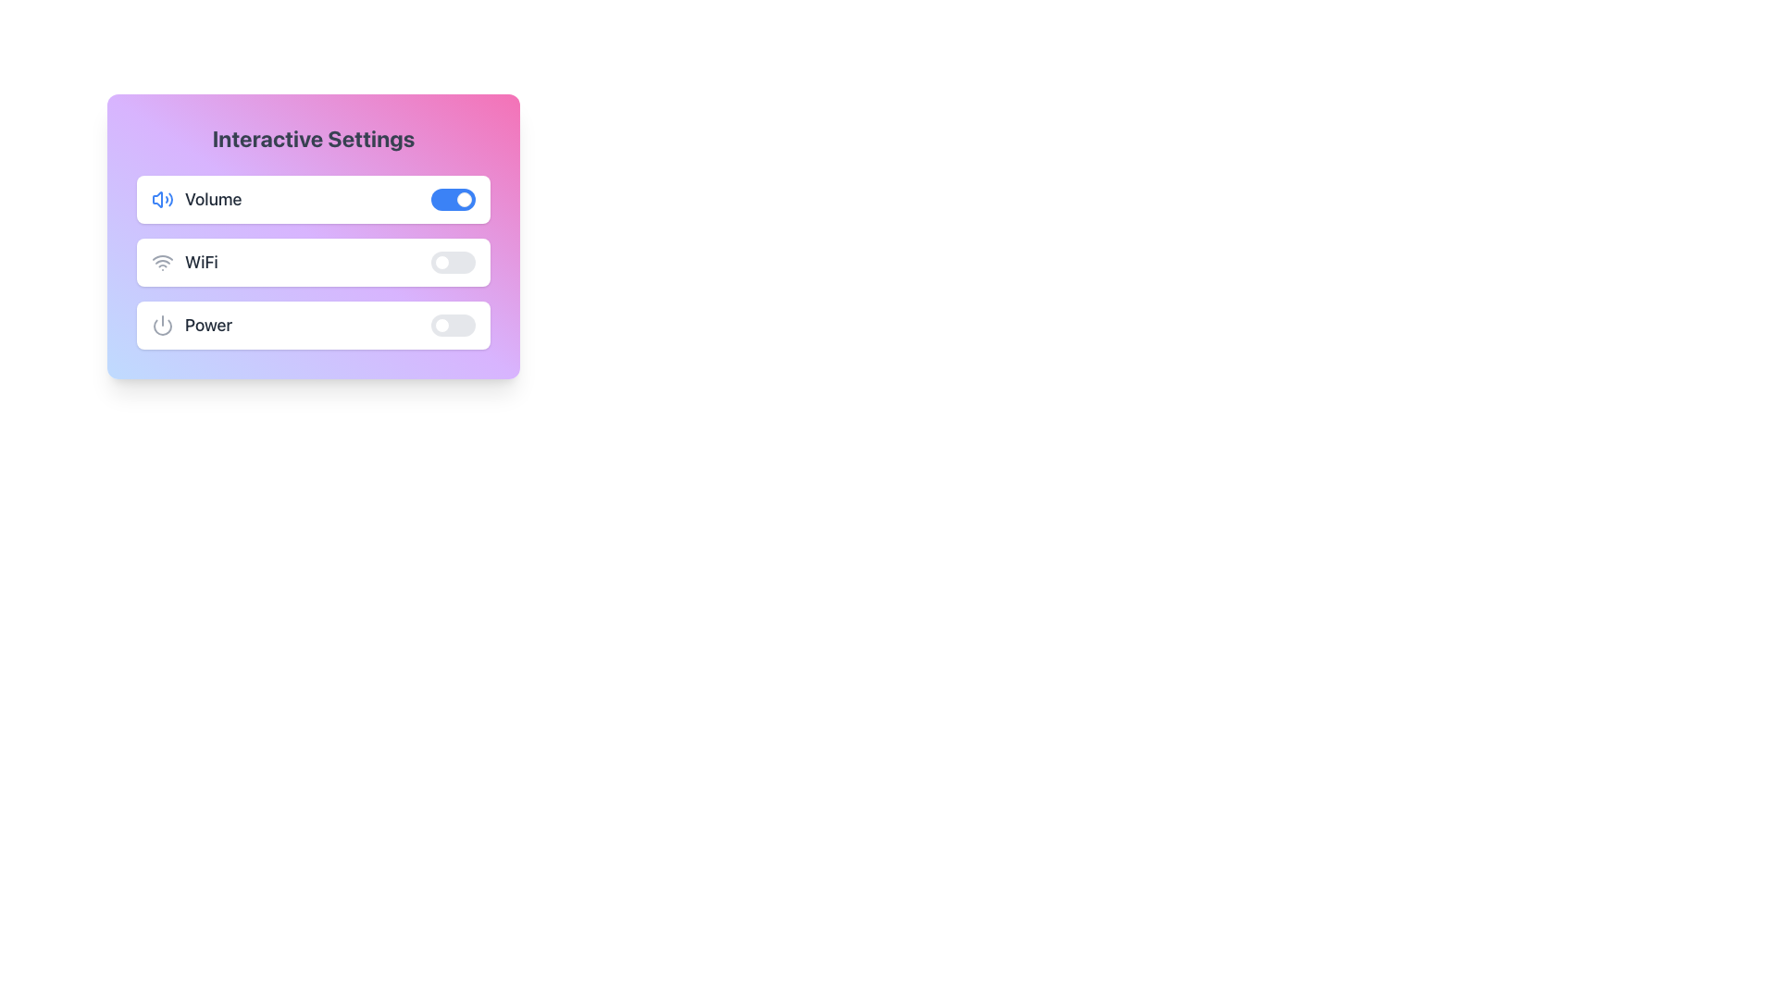 The height and width of the screenshot is (999, 1777). What do you see at coordinates (314, 263) in the screenshot?
I see `the Settings Option Panel labeled 'WiFi' with a toggle switch` at bounding box center [314, 263].